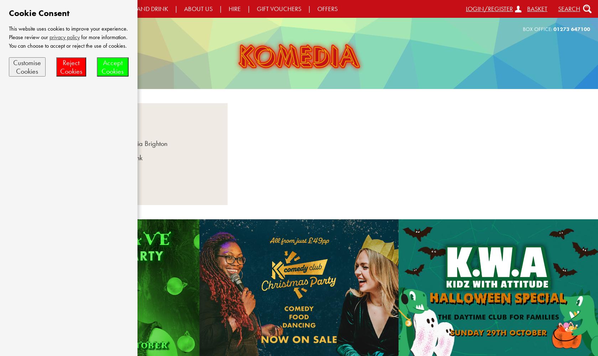  What do you see at coordinates (71, 67) in the screenshot?
I see `'Reject Cookies'` at bounding box center [71, 67].